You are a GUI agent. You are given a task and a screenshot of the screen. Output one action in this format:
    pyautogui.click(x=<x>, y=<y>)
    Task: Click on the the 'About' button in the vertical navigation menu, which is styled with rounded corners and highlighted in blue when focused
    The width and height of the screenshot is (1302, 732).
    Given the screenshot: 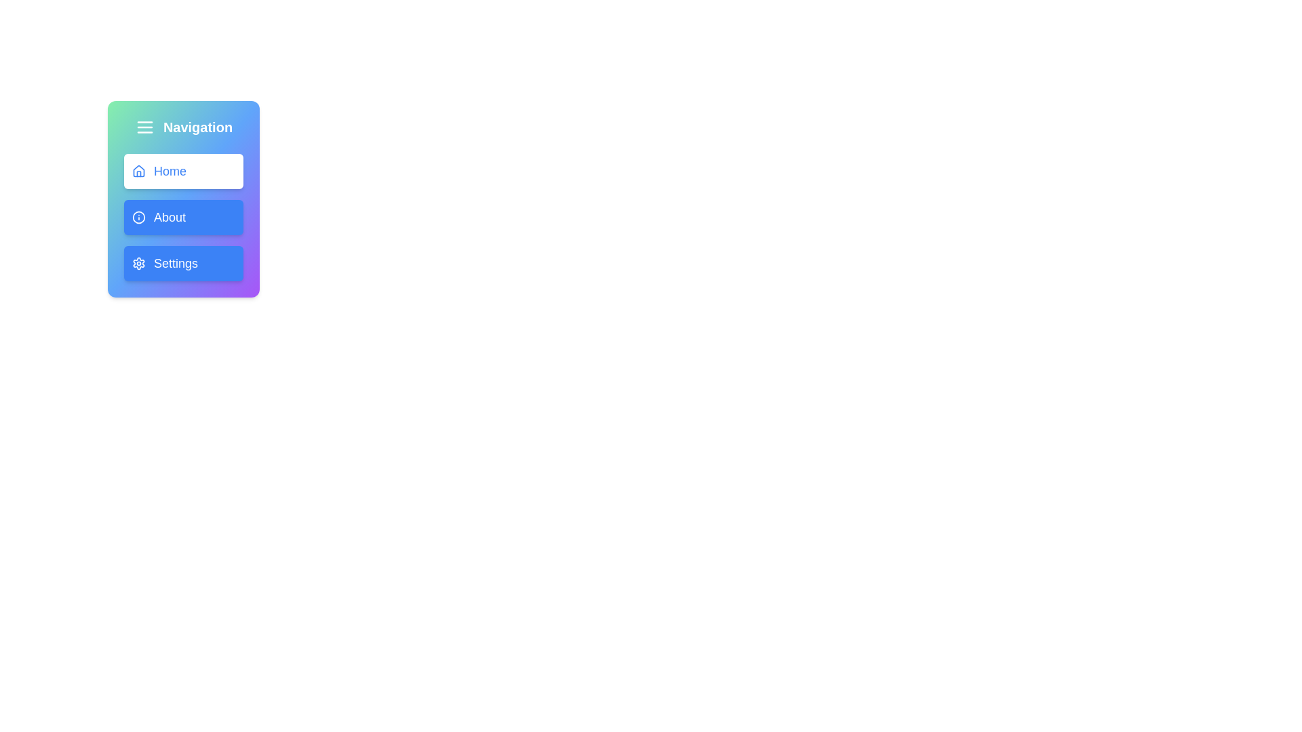 What is the action you would take?
    pyautogui.click(x=182, y=216)
    